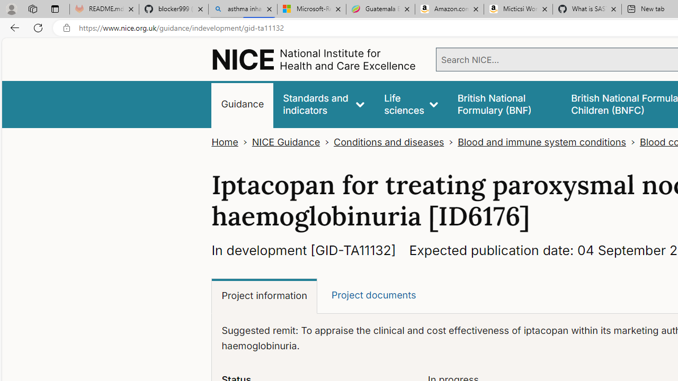  Describe the element at coordinates (411, 104) in the screenshot. I see `'Life sciences'` at that location.